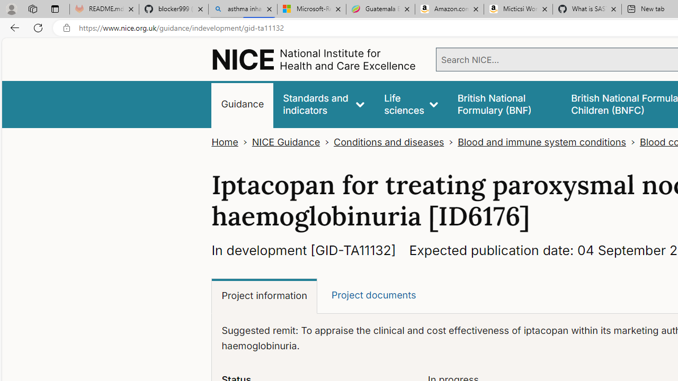  Describe the element at coordinates (411, 104) in the screenshot. I see `'Life sciences'` at that location.